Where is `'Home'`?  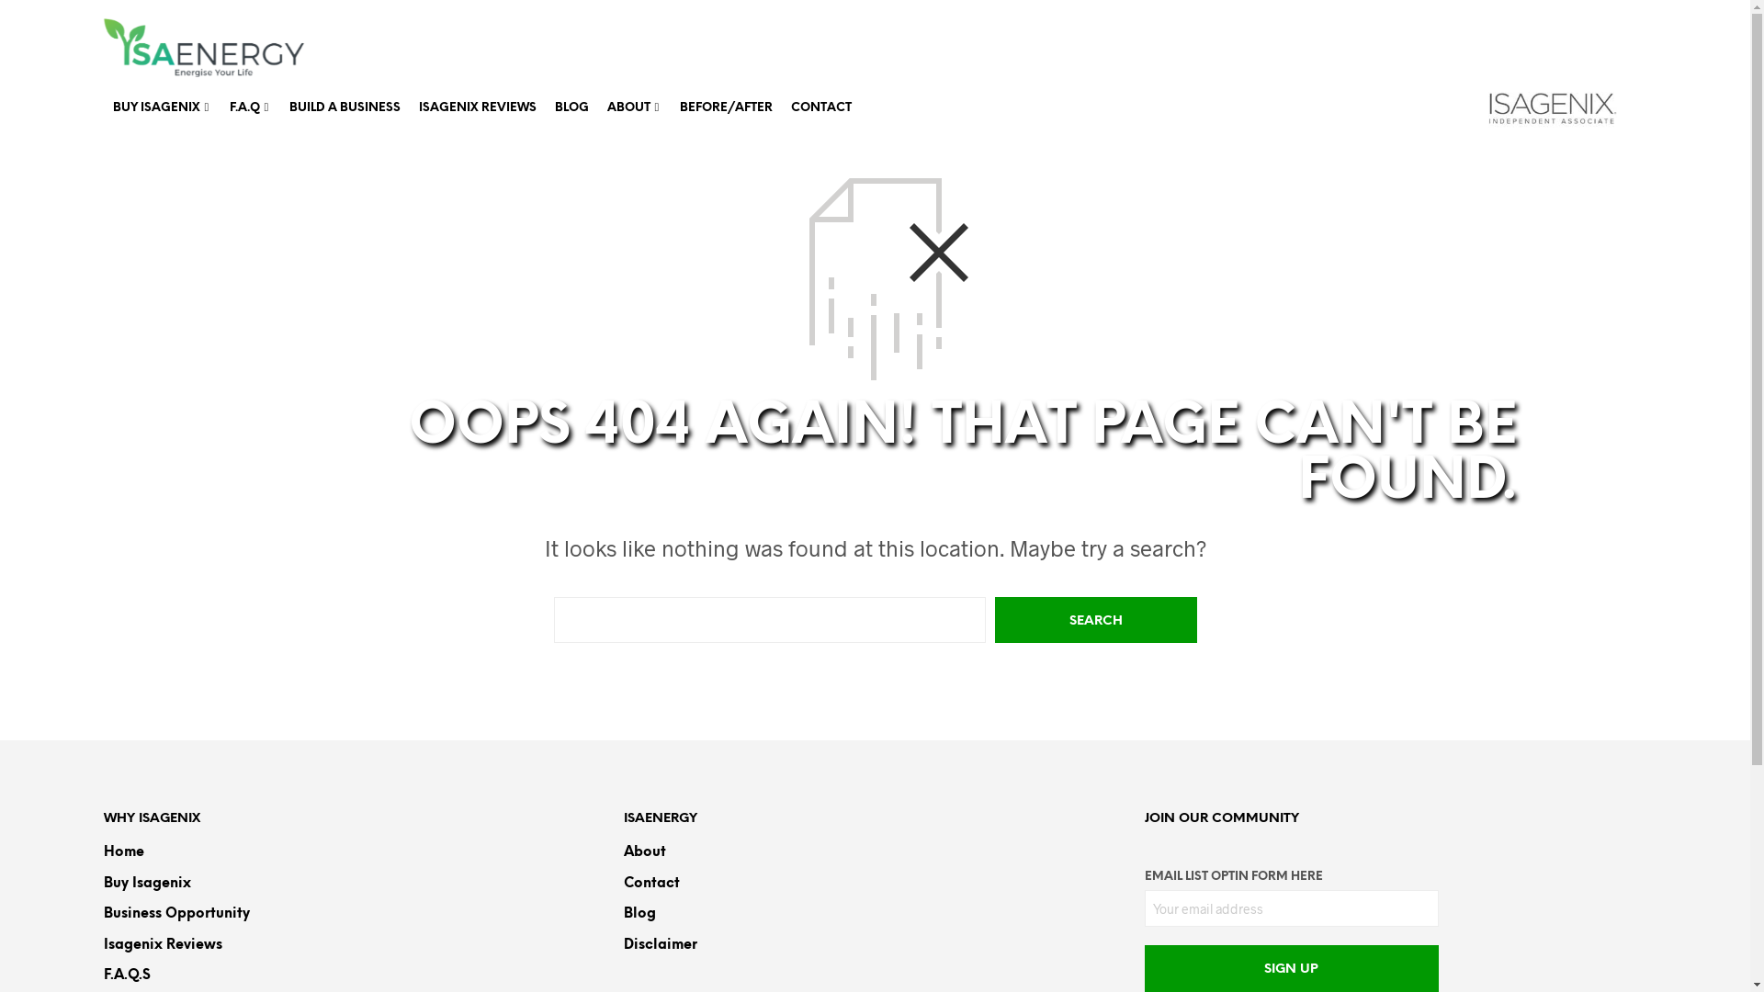
'Home' is located at coordinates (122, 852).